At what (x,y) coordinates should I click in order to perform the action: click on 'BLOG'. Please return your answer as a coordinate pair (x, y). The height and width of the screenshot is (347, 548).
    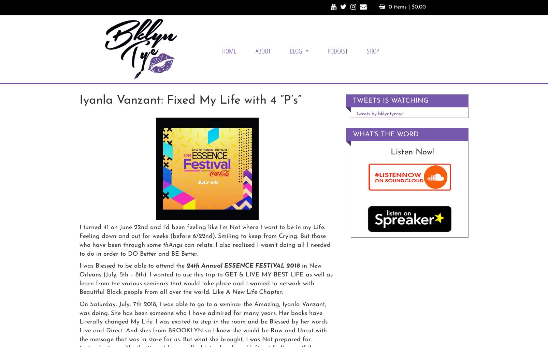
    Looking at the image, I should click on (289, 50).